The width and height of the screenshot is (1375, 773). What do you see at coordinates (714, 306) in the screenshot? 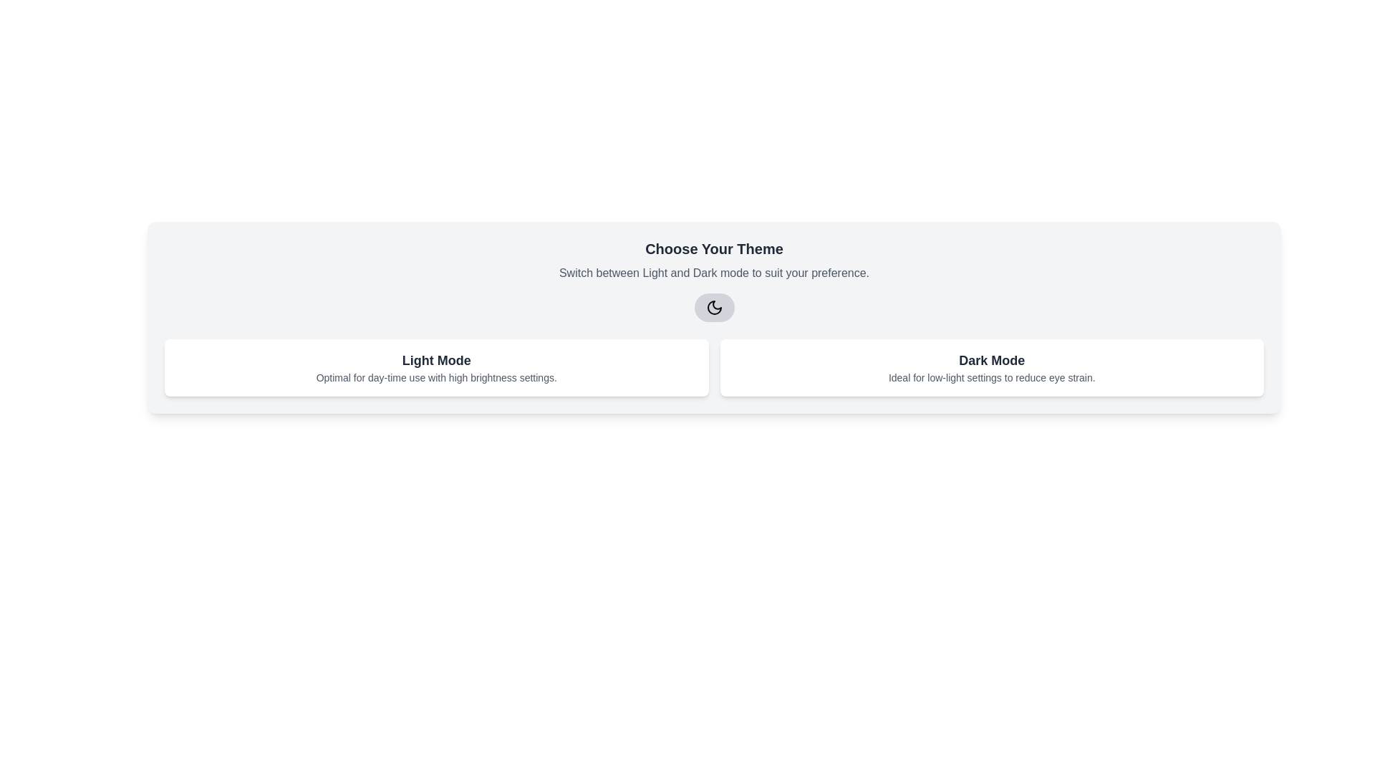
I see `the circular theme toggle button with a crescent moon icon to observe its hover effect` at bounding box center [714, 306].